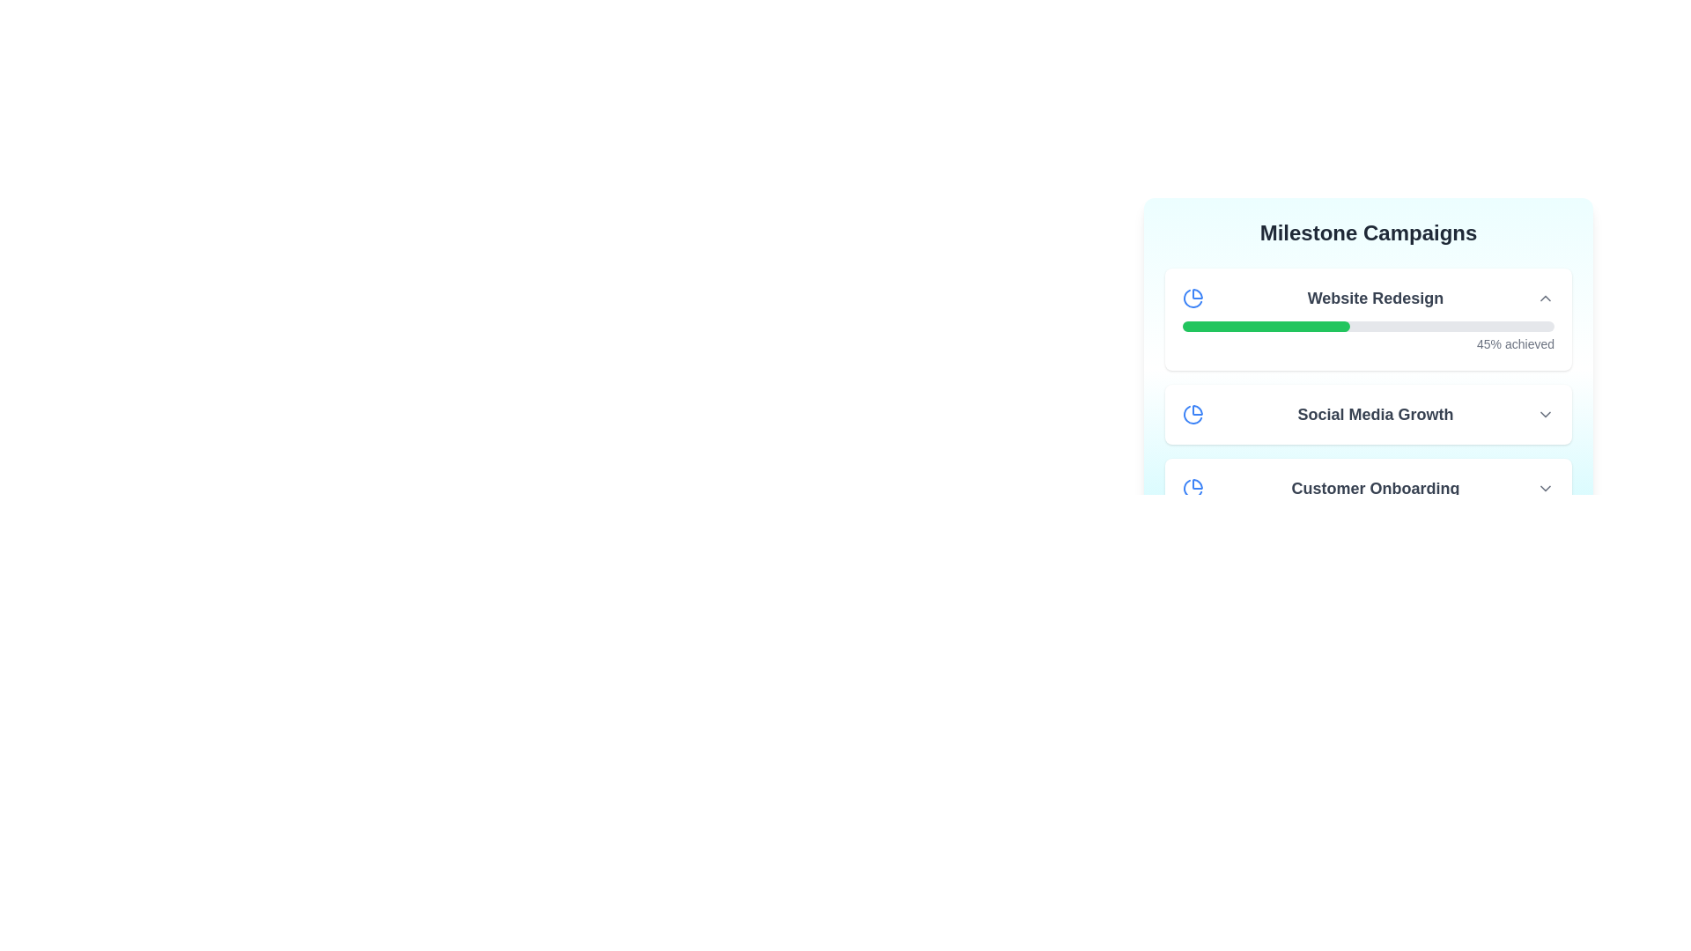 This screenshot has width=1691, height=951. What do you see at coordinates (1197, 484) in the screenshot?
I see `the pie chart icon element located within the SVG icon to the left of the 'Customer Onboarding' label` at bounding box center [1197, 484].